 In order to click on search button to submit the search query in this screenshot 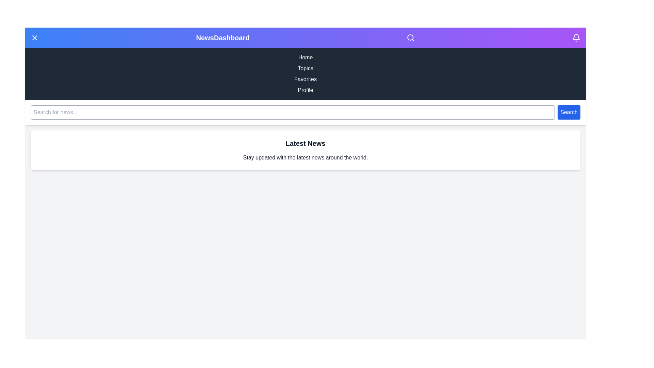, I will do `click(569, 112)`.